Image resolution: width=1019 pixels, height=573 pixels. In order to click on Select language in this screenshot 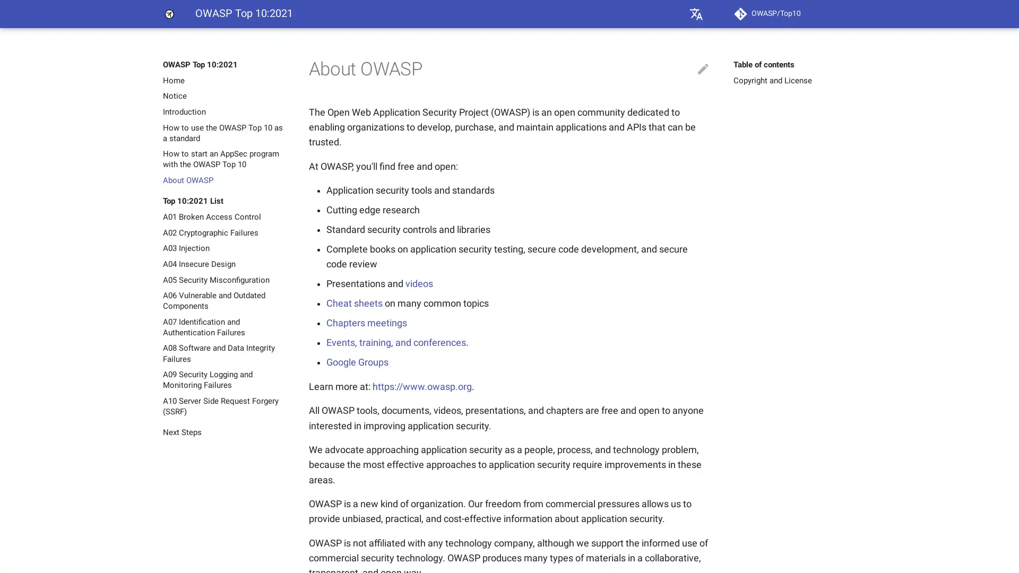, I will do `click(696, 14)`.